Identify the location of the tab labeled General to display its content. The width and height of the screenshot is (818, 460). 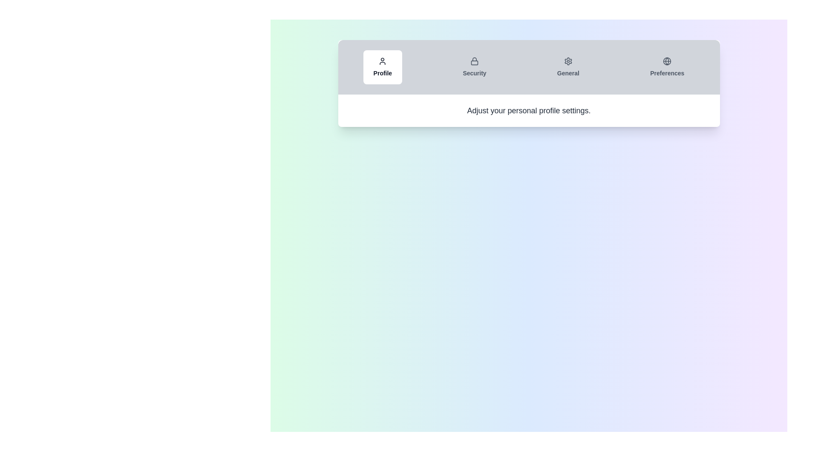
(568, 67).